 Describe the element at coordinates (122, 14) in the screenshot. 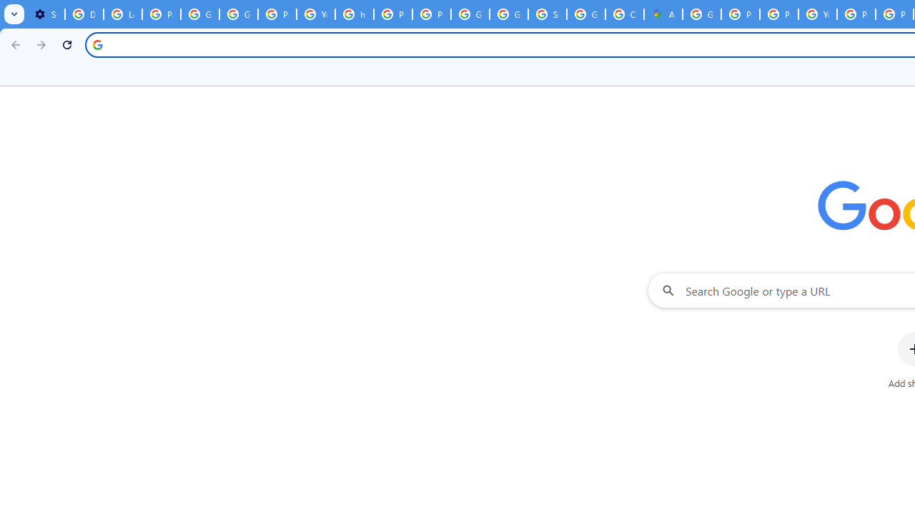

I see `'Learn how to find your photos - Google Photos Help'` at that location.